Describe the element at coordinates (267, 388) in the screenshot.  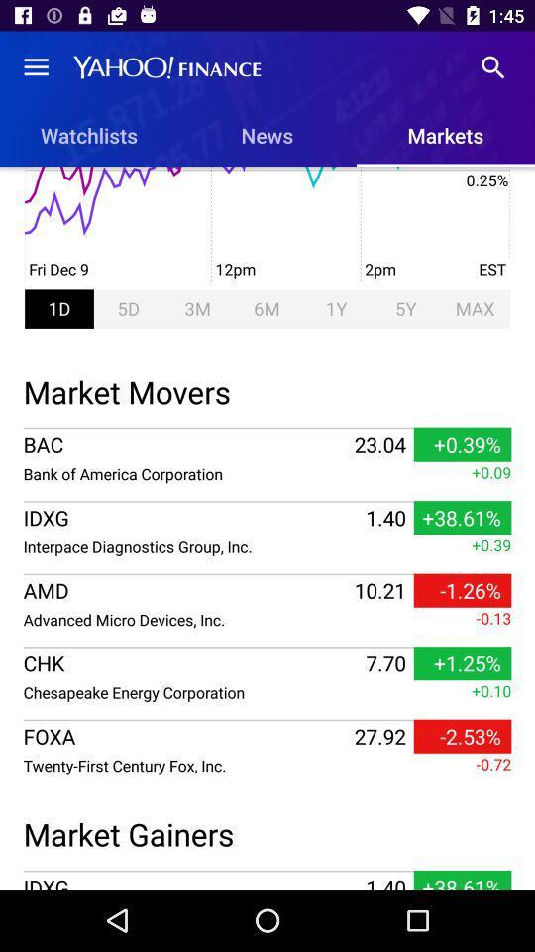
I see `the market movers` at that location.